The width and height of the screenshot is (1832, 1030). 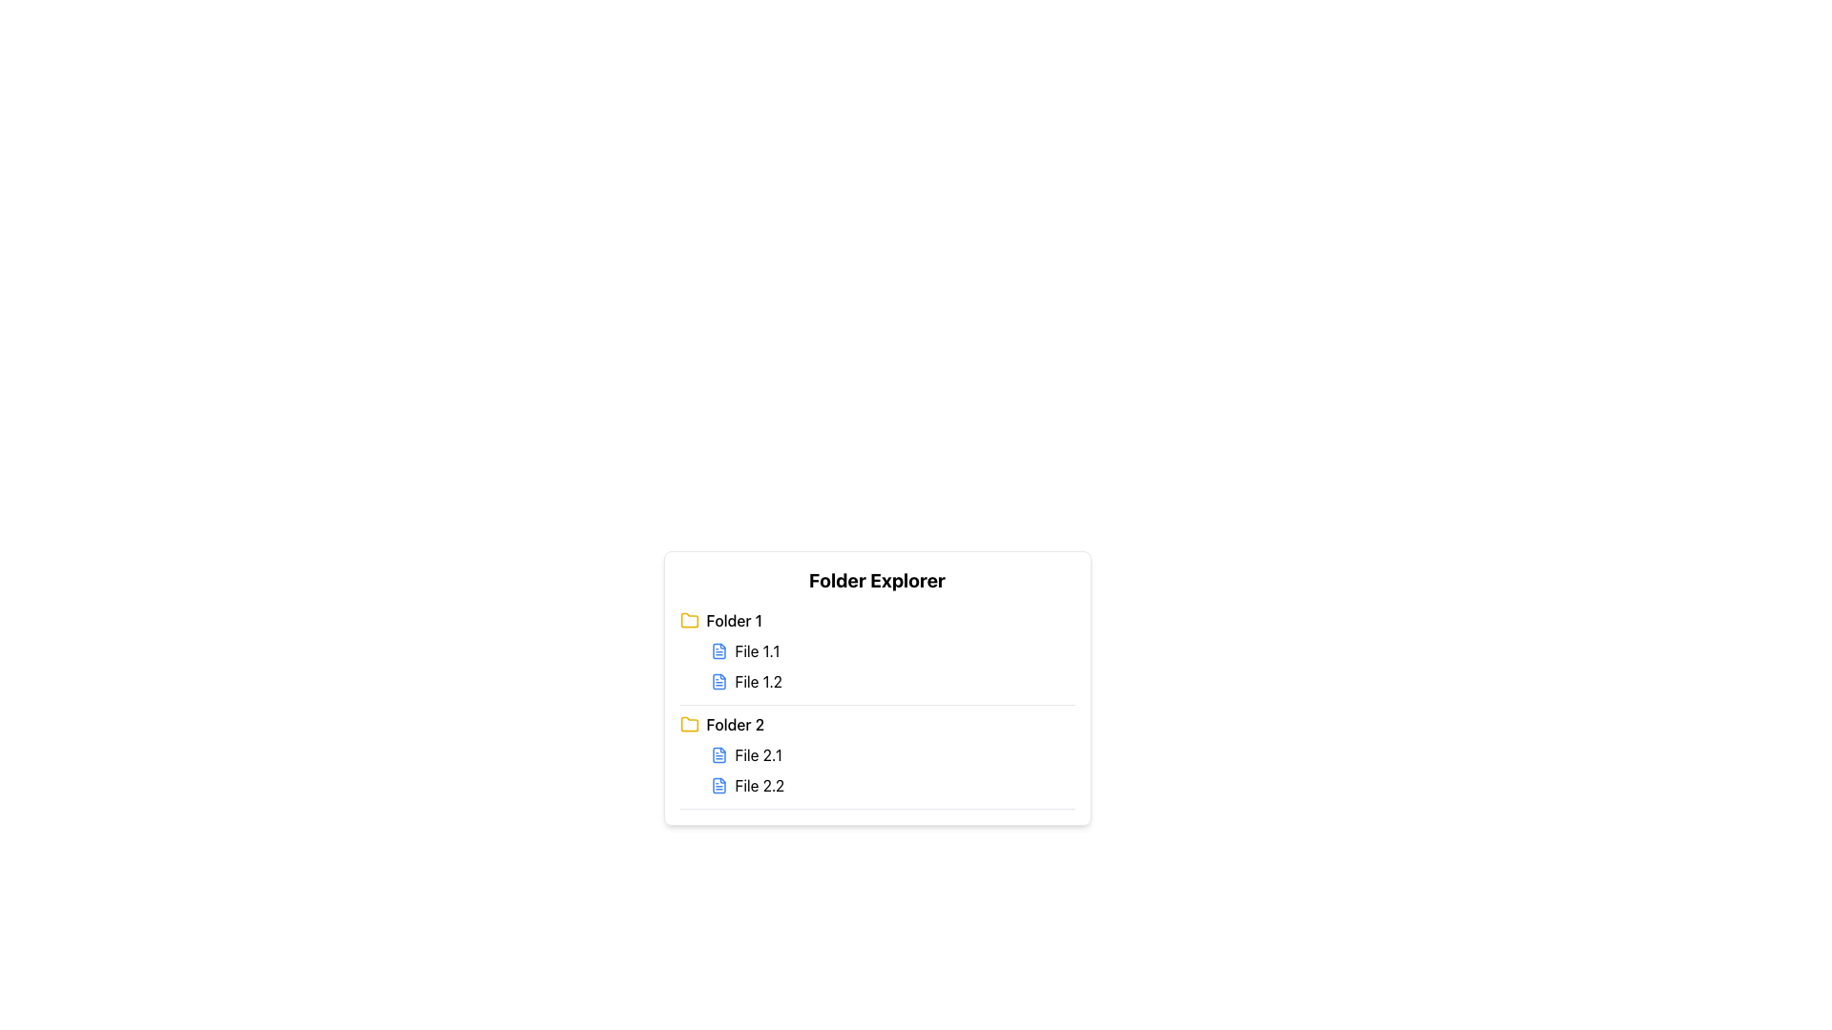 What do you see at coordinates (891, 786) in the screenshot?
I see `the labeled file icon representing 'File 2.2'` at bounding box center [891, 786].